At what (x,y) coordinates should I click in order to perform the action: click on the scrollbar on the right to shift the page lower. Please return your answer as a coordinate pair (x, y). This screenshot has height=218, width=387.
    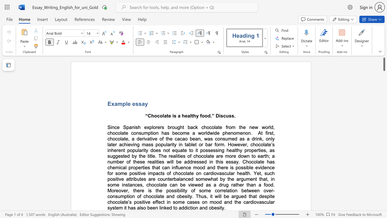
    Looking at the image, I should click on (384, 142).